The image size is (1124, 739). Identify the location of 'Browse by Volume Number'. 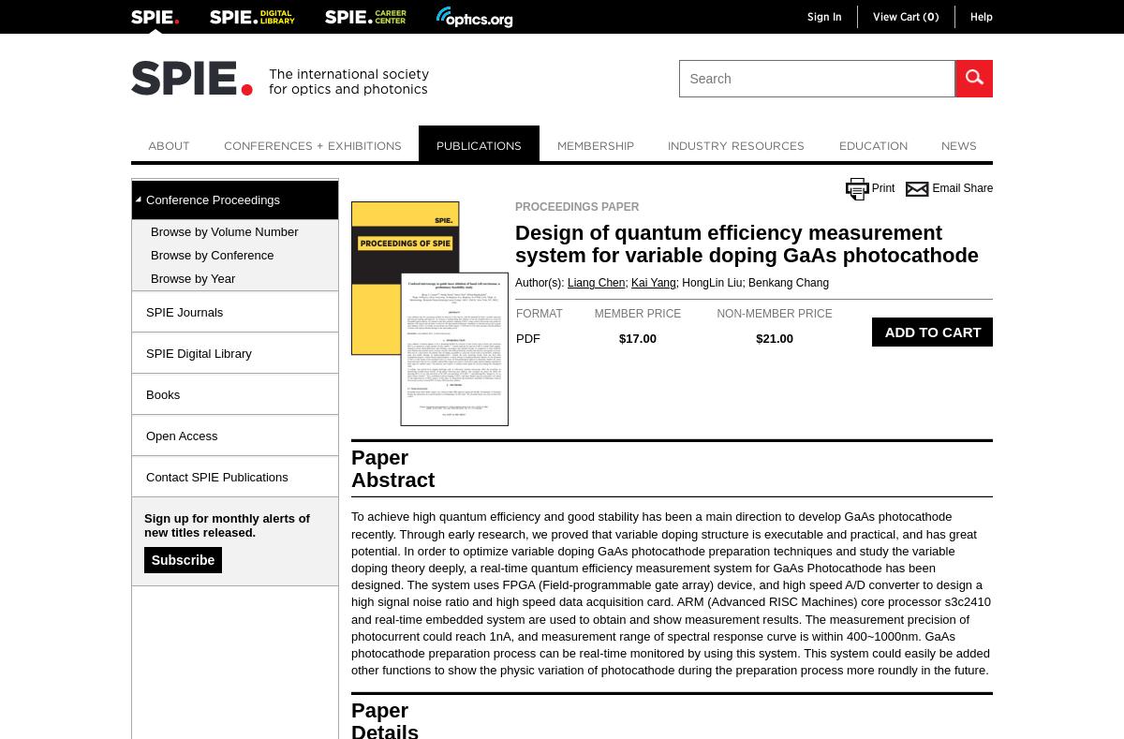
(223, 231).